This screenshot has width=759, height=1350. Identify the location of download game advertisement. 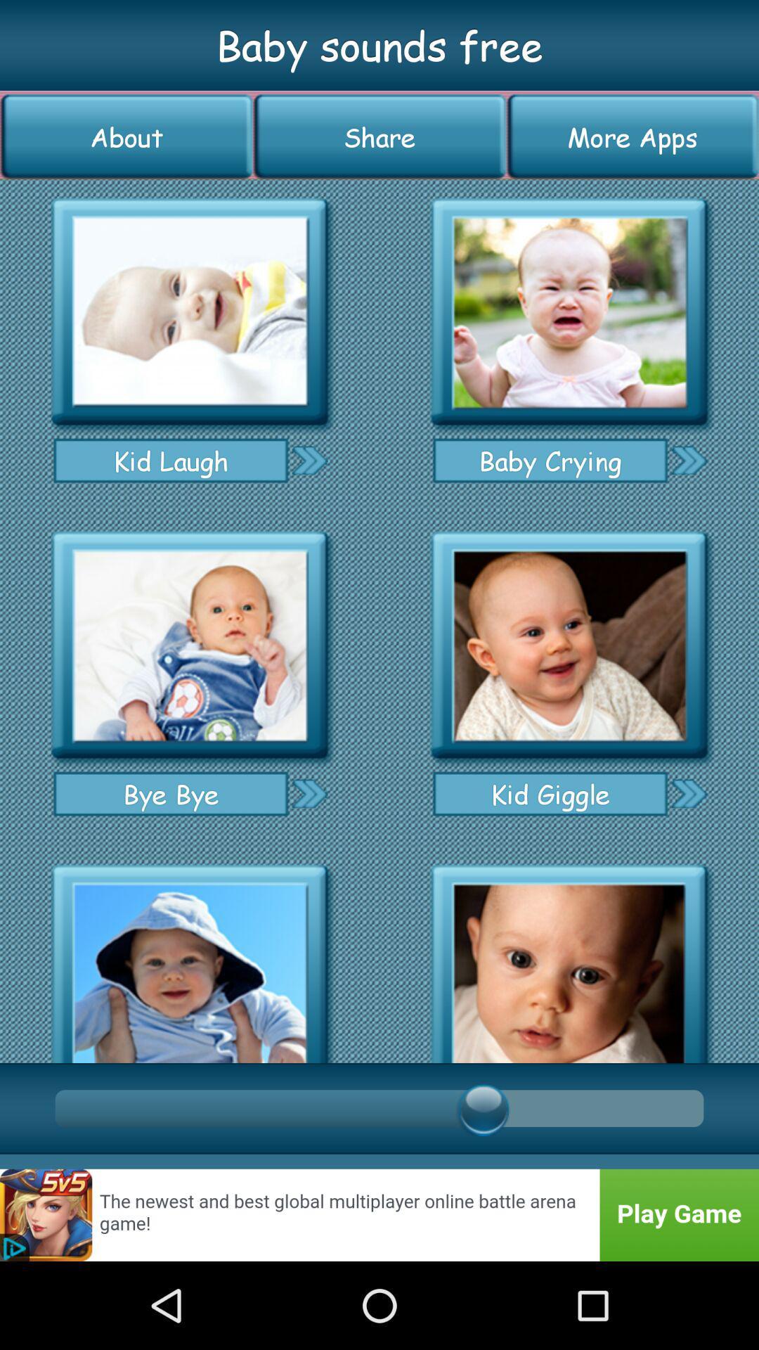
(379, 1214).